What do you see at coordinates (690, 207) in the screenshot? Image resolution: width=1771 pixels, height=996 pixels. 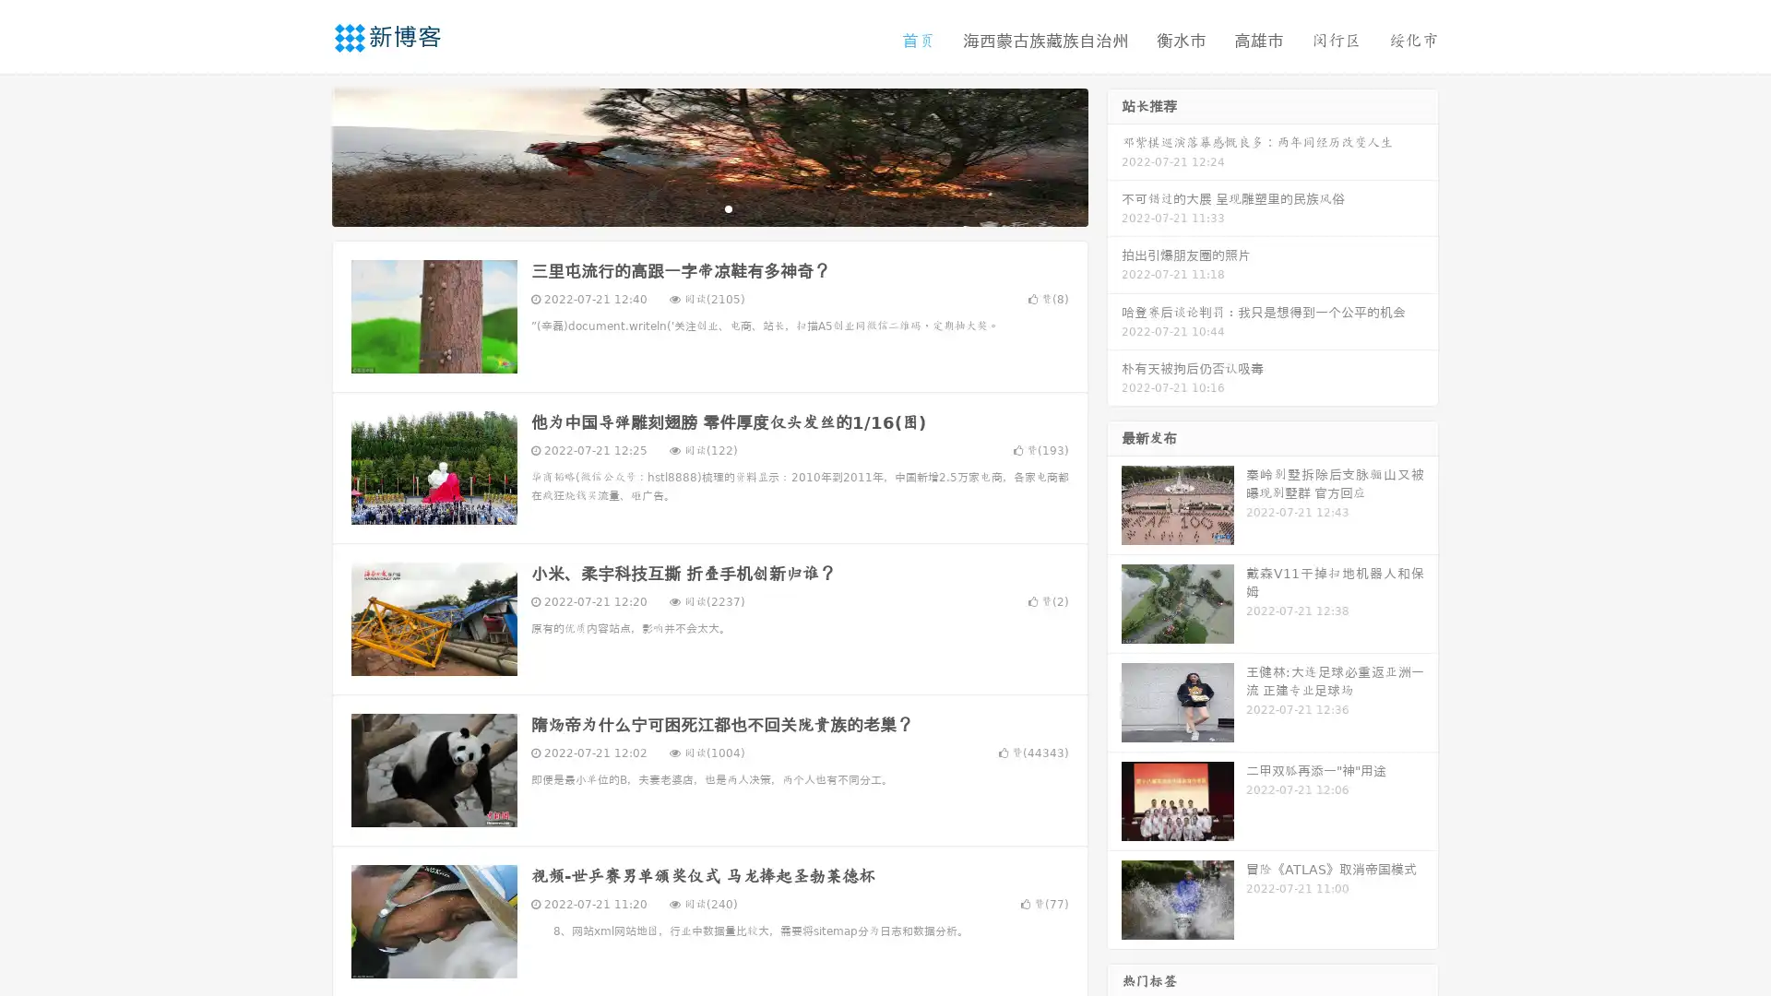 I see `Go to slide 1` at bounding box center [690, 207].